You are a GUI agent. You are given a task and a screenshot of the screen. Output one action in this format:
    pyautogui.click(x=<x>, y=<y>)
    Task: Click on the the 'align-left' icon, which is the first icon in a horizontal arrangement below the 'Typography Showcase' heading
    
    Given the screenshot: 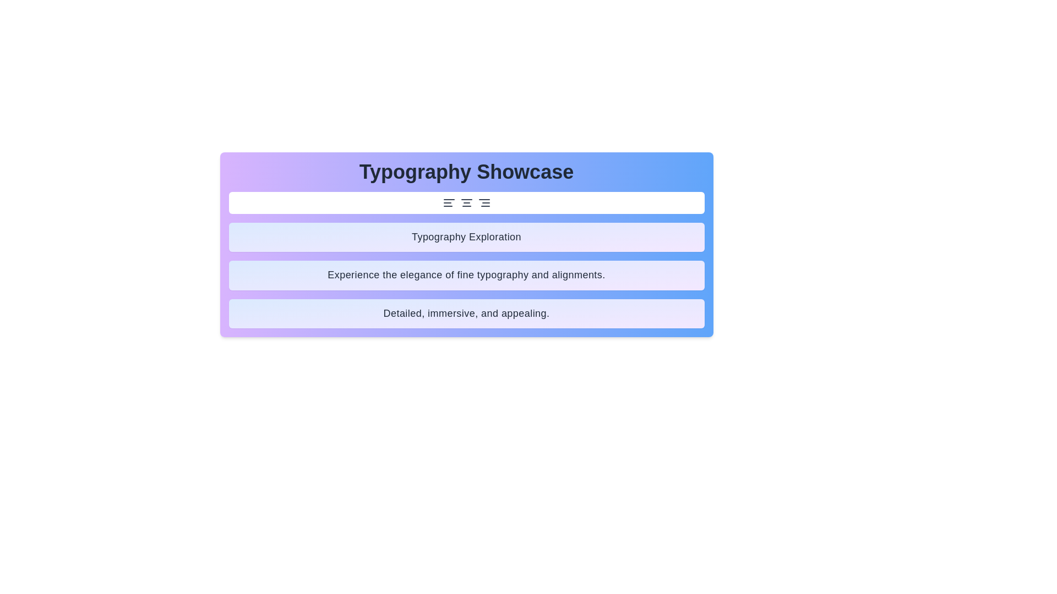 What is the action you would take?
    pyautogui.click(x=449, y=203)
    